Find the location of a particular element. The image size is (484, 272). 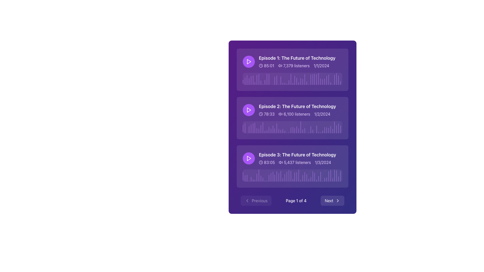

the sixth vertical bar segment from the left in the progress bar representation located in the second card, characterized by its faint purple color and notable height is located at coordinates (253, 128).